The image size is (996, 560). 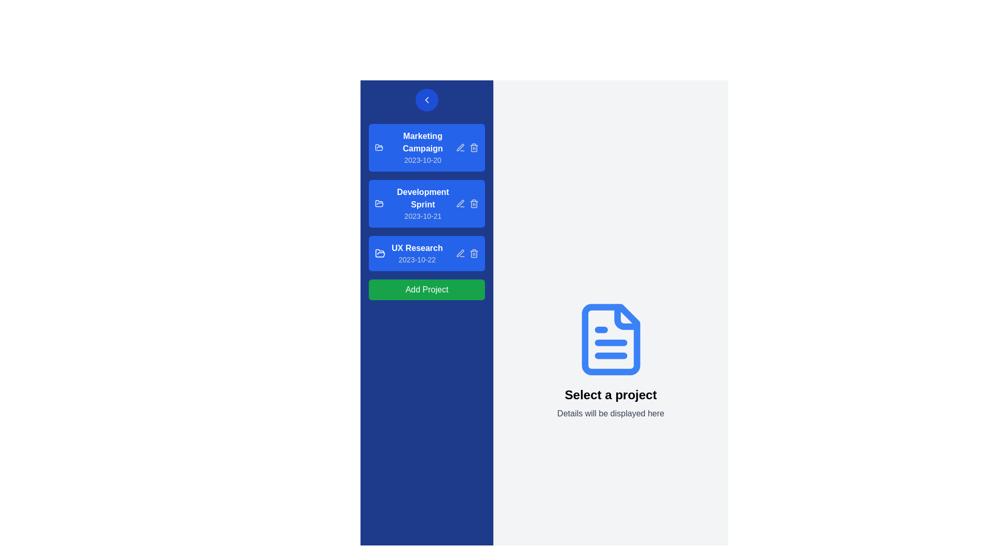 What do you see at coordinates (380, 254) in the screenshot?
I see `the folder icon representing 'UX Research' in the left sidebar's project list` at bounding box center [380, 254].